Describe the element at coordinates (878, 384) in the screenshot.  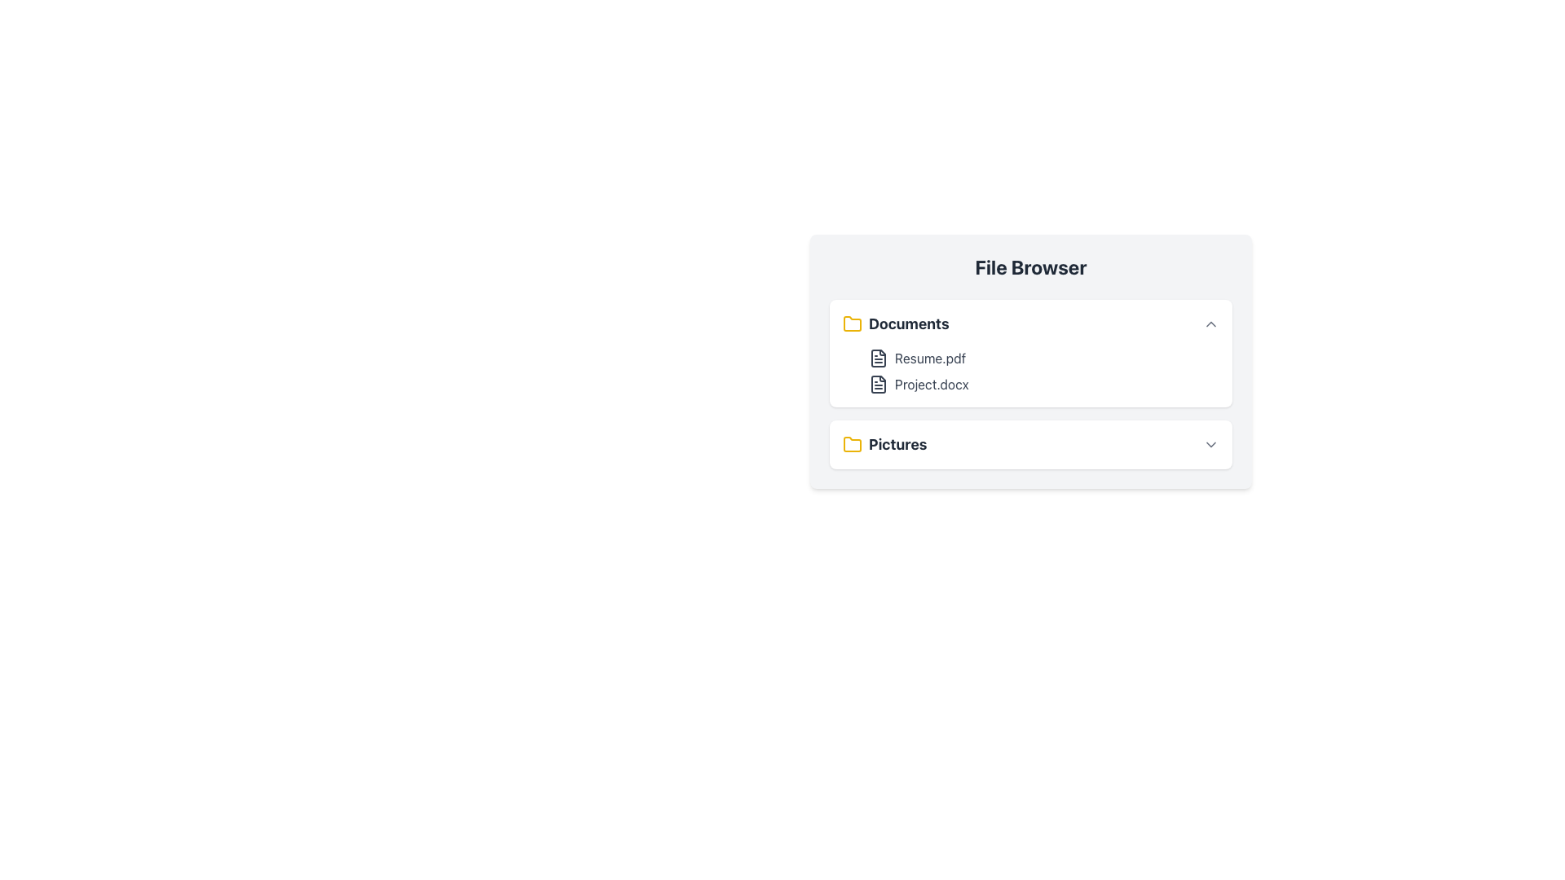
I see `the document icon for 'Project.docx' in the 'Documents' section of the 'File Browser'` at that location.